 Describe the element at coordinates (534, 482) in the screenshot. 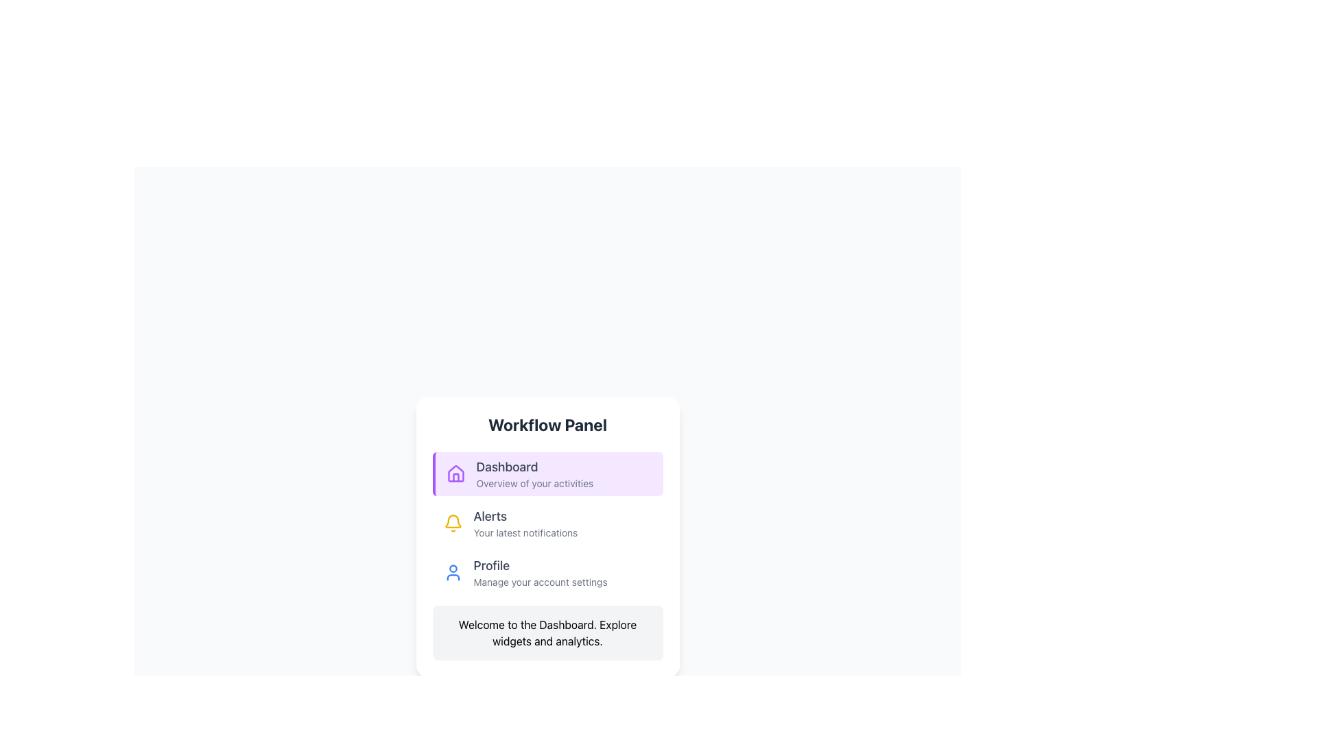

I see `the static text label providing a brief description or subtitle for the 'Dashboard' section, which is positioned directly beneath the 'Dashboard' heading in the Workflow Panel interface` at that location.